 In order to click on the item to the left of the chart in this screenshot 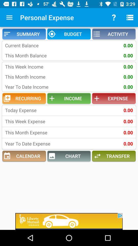, I will do `click(24, 156)`.